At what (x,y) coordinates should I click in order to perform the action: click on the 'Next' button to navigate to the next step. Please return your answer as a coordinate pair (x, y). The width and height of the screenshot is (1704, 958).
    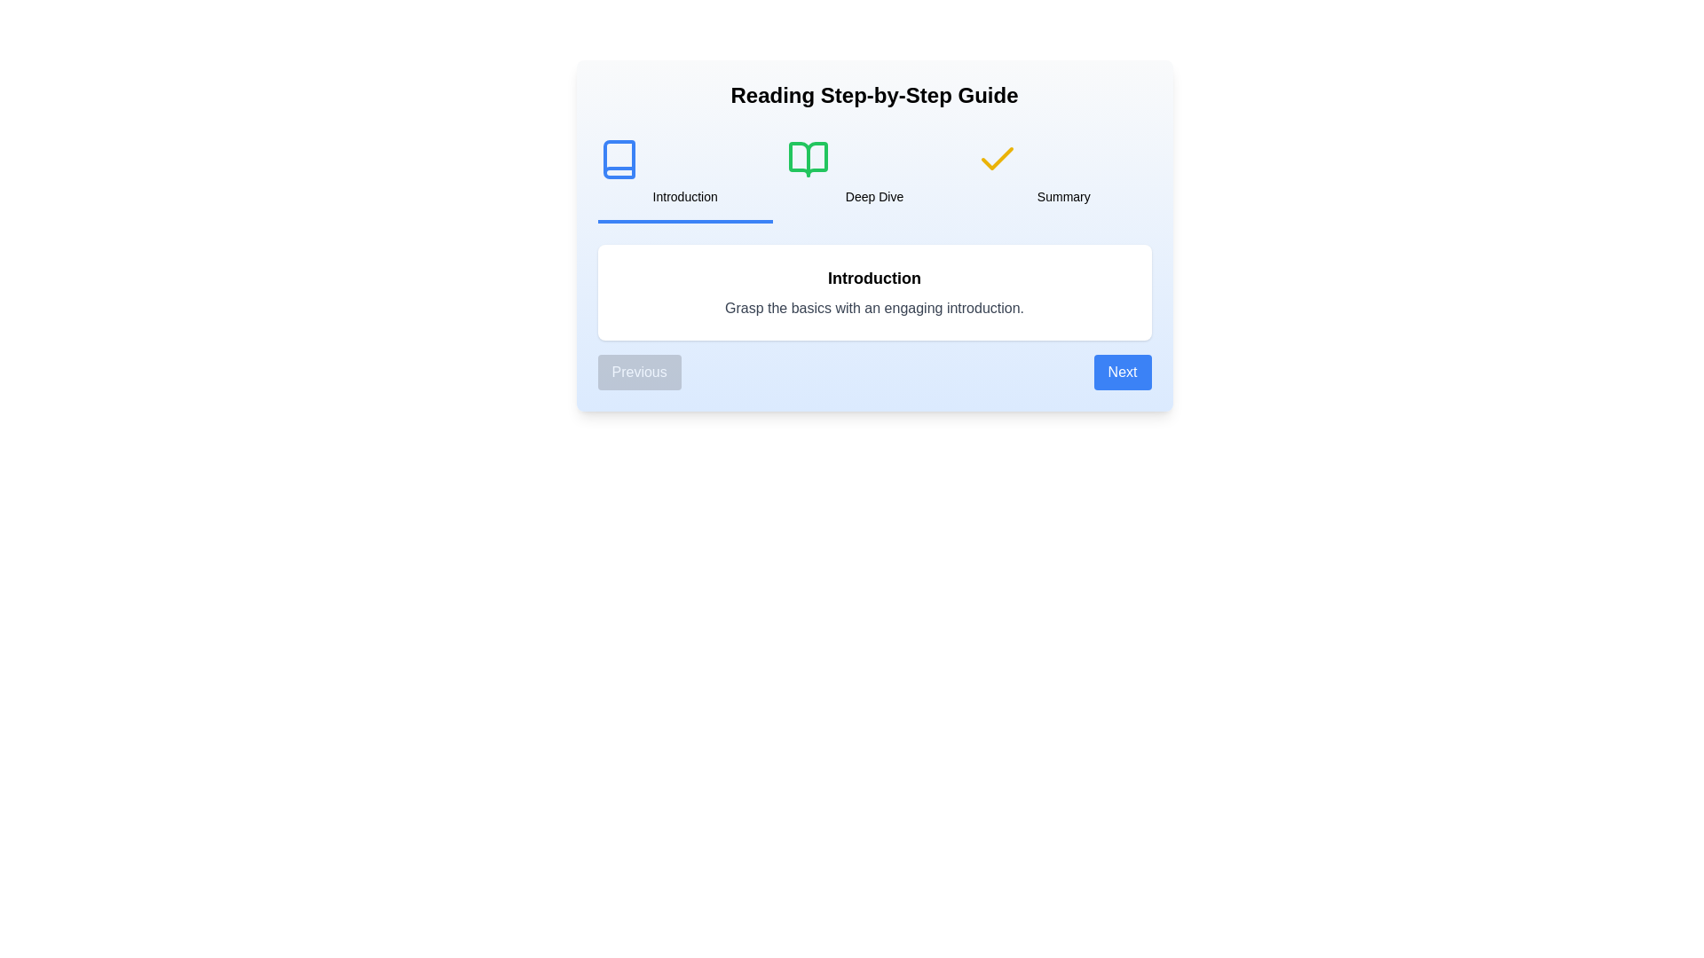
    Looking at the image, I should click on (1122, 372).